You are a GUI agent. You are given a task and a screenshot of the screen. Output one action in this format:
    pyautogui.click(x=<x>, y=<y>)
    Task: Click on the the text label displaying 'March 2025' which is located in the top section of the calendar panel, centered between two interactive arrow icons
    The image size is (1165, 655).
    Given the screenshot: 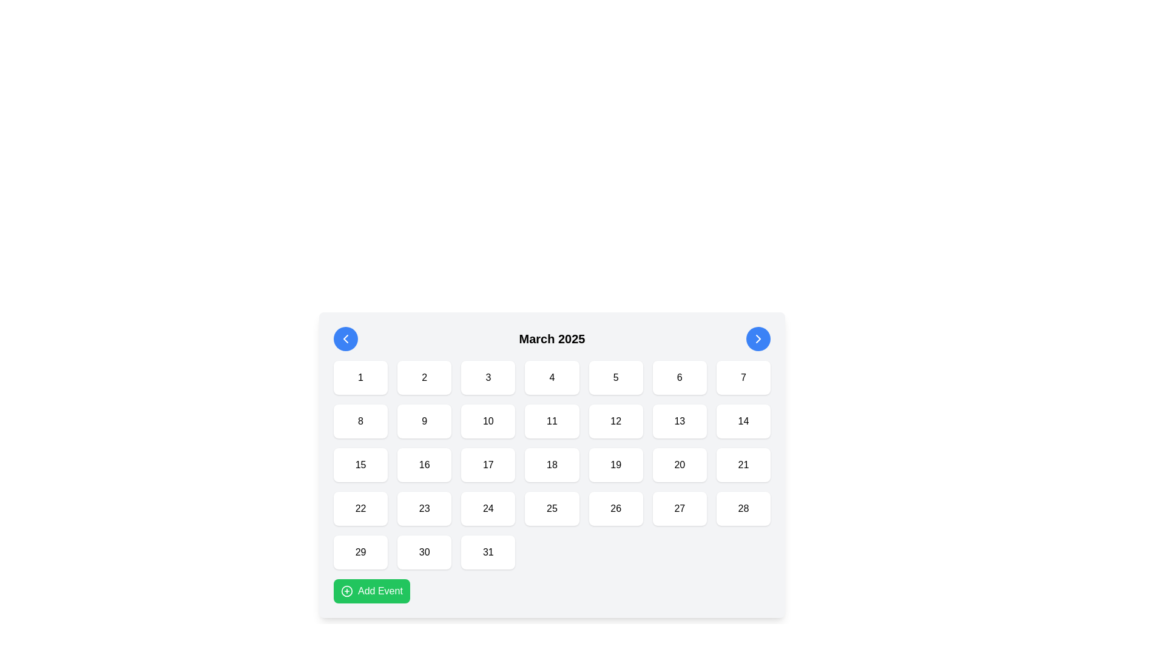 What is the action you would take?
    pyautogui.click(x=552, y=339)
    